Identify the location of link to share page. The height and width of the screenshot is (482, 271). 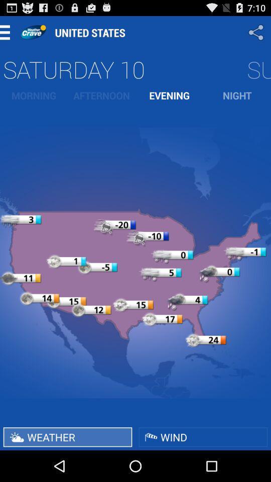
(257, 32).